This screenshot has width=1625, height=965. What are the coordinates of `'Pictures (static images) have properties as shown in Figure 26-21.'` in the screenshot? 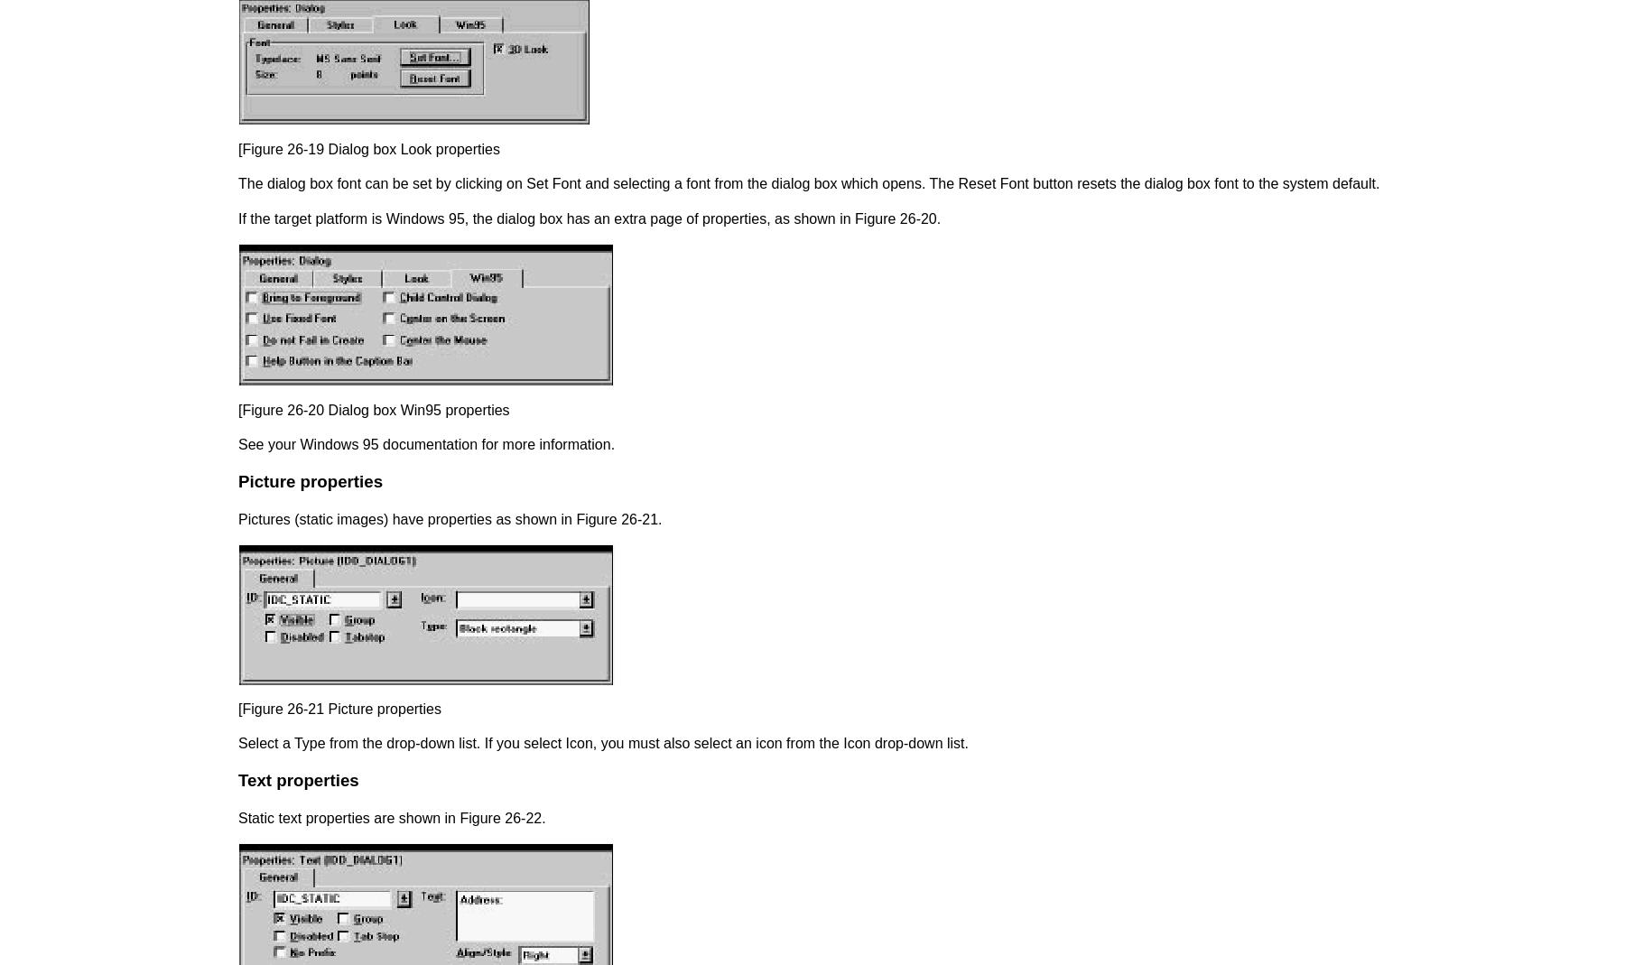 It's located at (449, 518).